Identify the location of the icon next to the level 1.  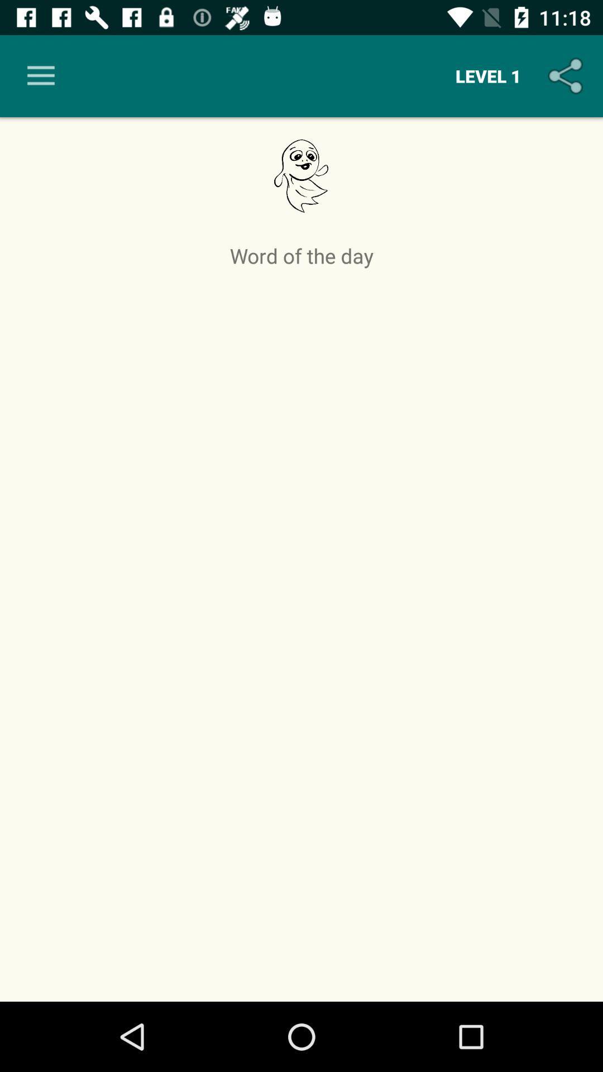
(568, 75).